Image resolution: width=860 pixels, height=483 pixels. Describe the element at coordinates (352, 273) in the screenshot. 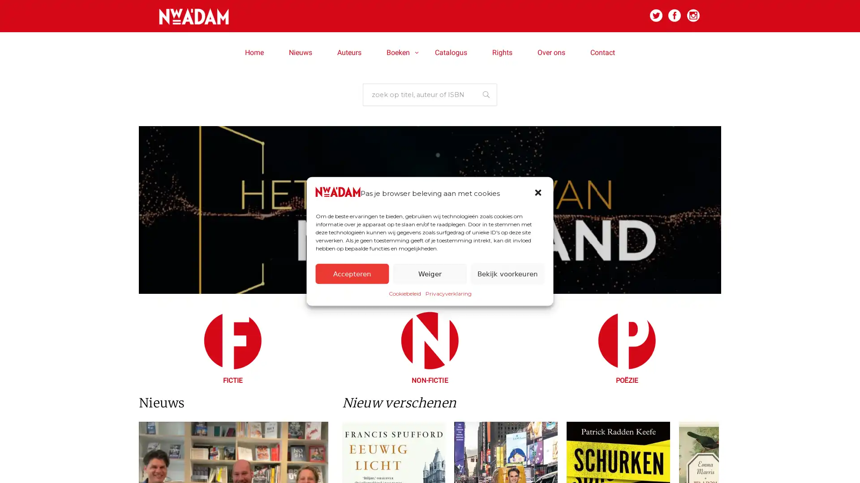

I see `Accepteren` at that location.